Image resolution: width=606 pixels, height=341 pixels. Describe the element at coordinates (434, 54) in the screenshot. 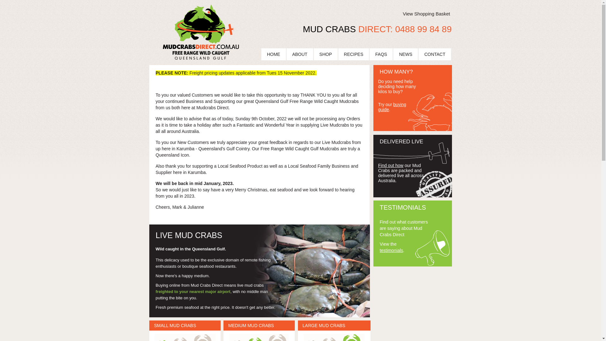

I see `'CONTACT'` at that location.